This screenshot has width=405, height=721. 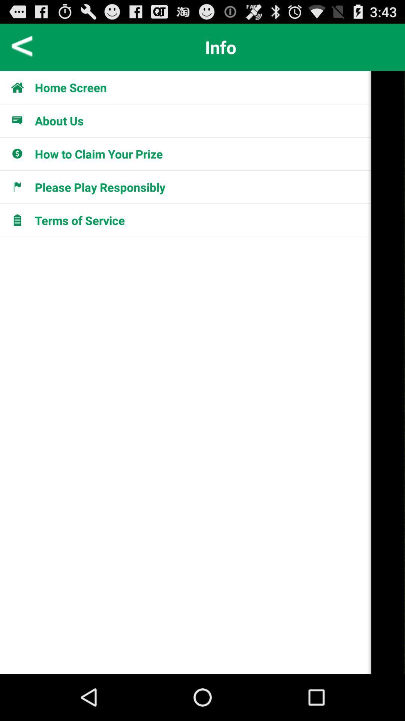 I want to click on the icon on the right, so click(x=388, y=372).